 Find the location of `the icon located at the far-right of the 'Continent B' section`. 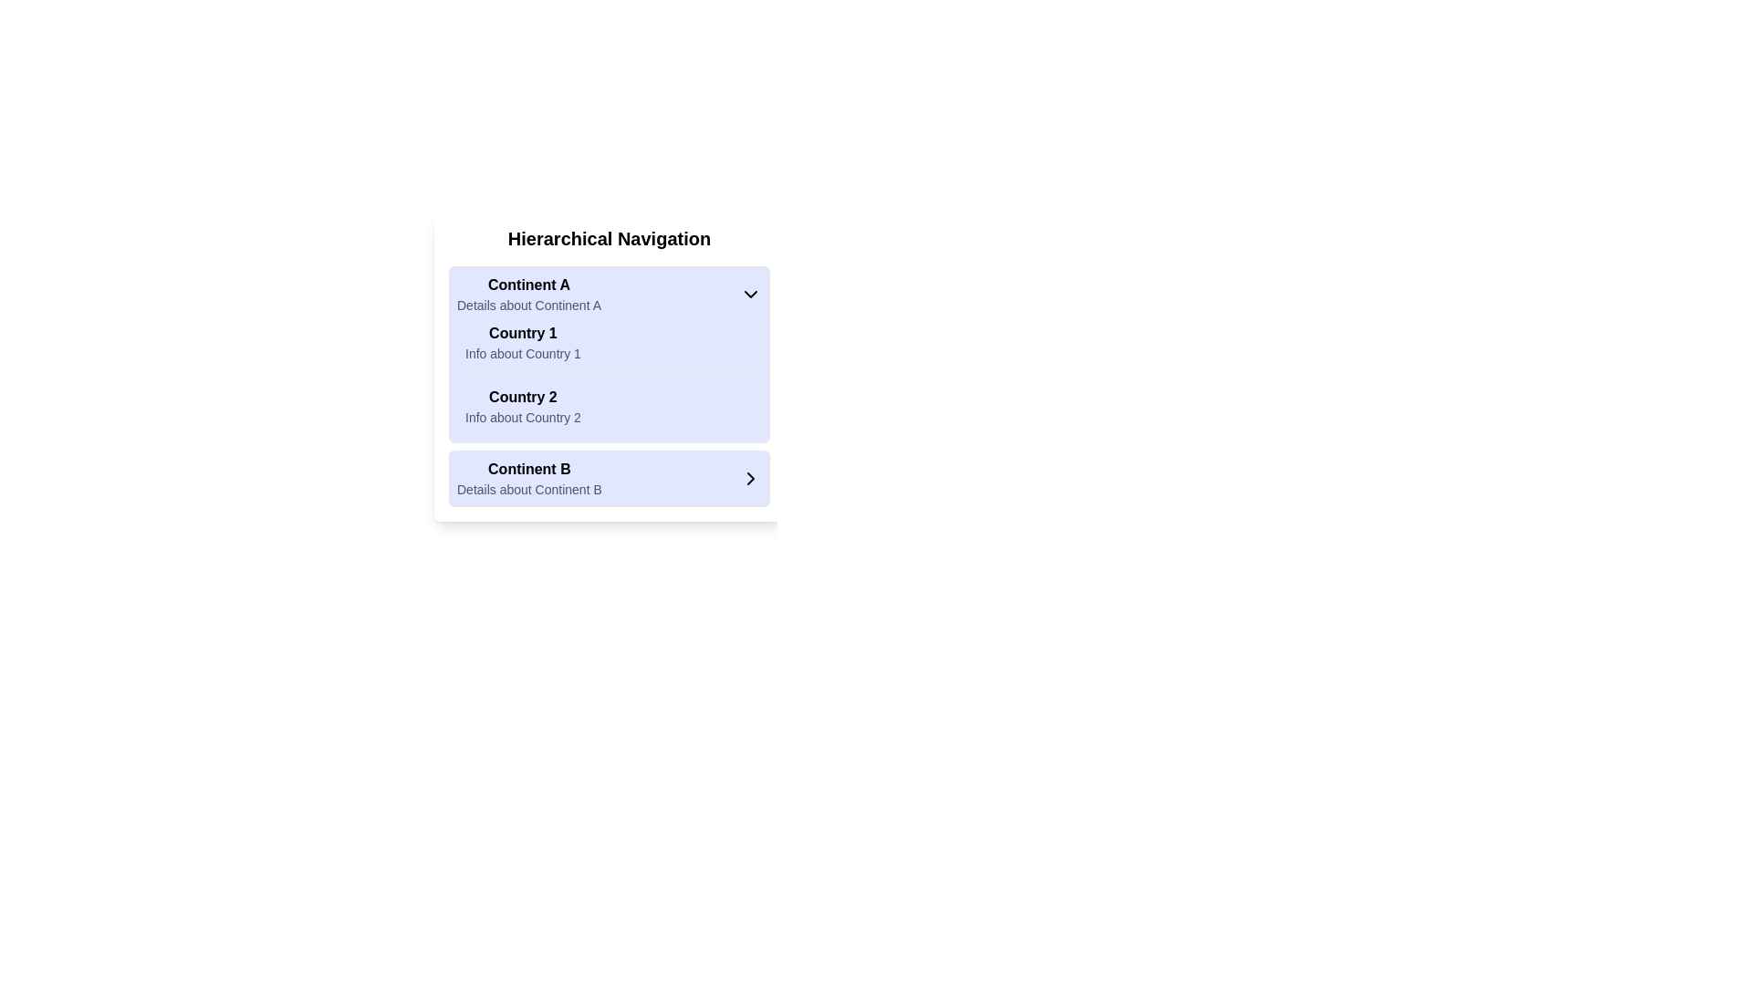

the icon located at the far-right of the 'Continent B' section is located at coordinates (750, 477).